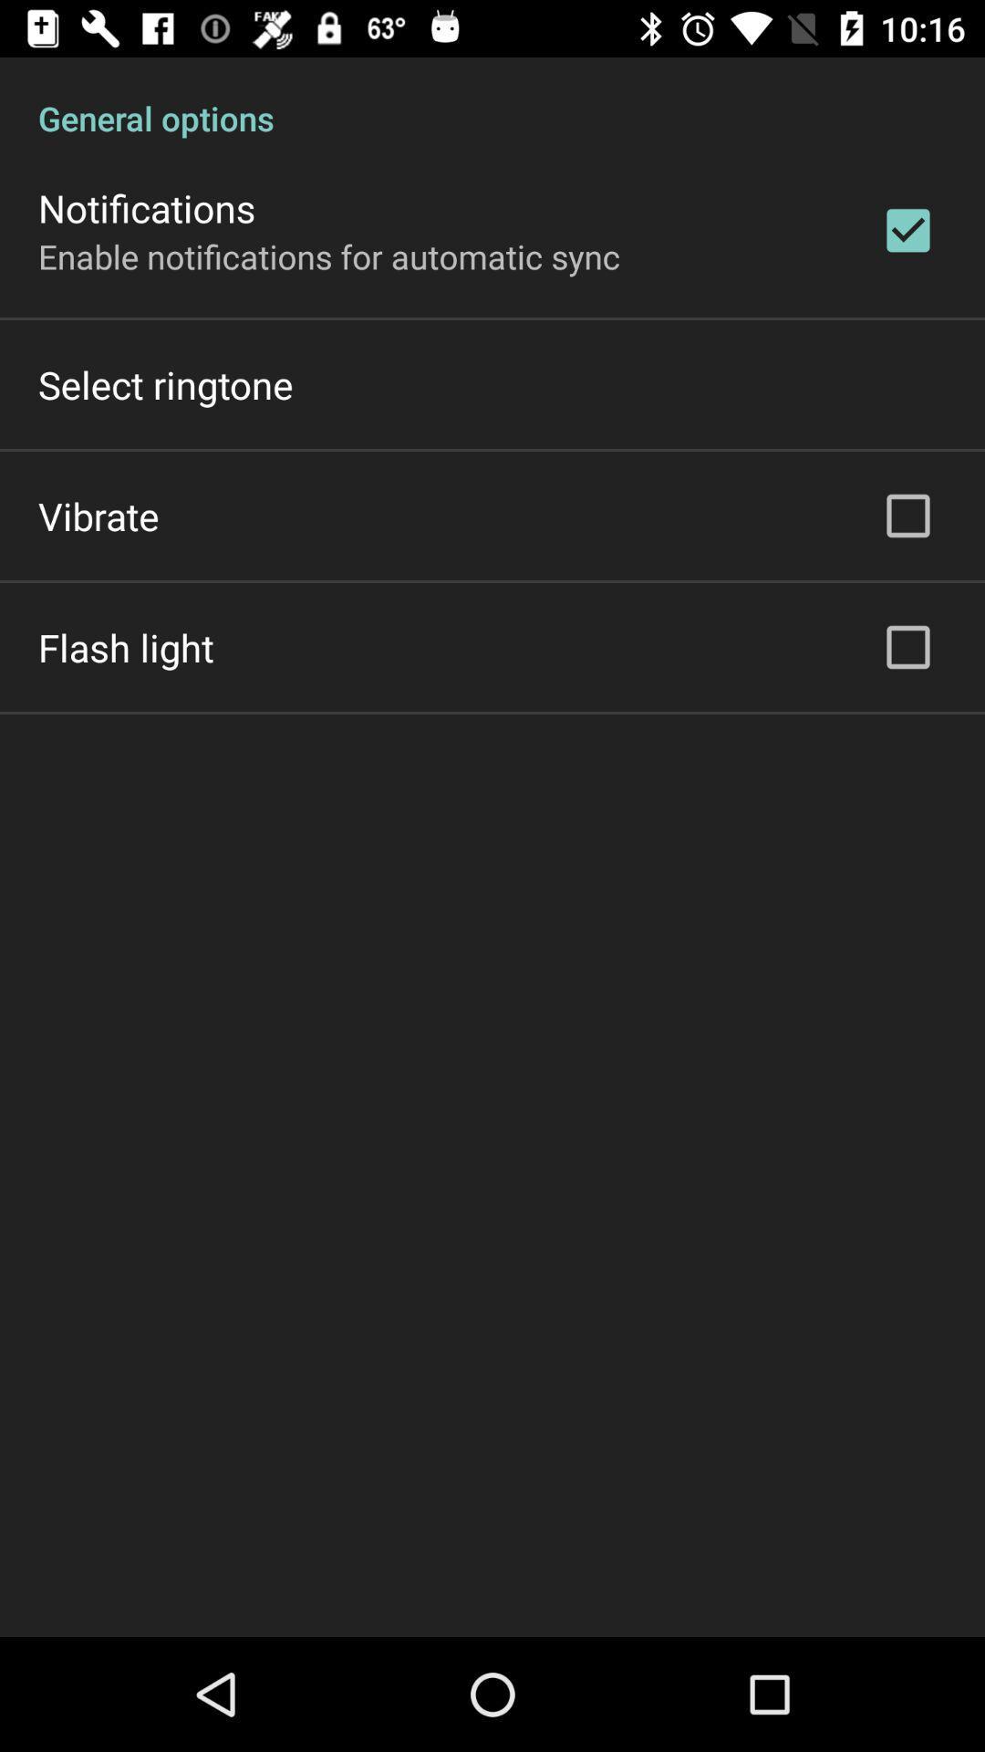 The width and height of the screenshot is (985, 1752). Describe the element at coordinates (493, 98) in the screenshot. I see `general options` at that location.